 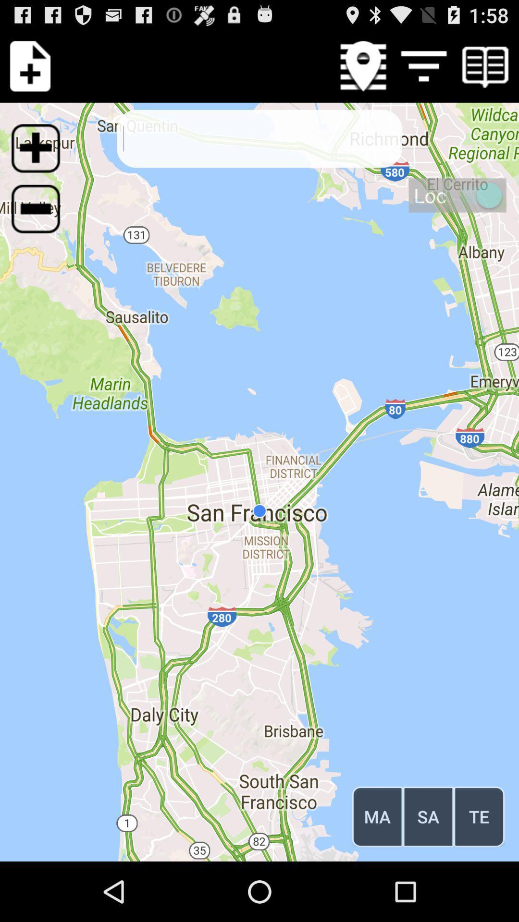 What do you see at coordinates (428, 816) in the screenshot?
I see `the item next to the te` at bounding box center [428, 816].